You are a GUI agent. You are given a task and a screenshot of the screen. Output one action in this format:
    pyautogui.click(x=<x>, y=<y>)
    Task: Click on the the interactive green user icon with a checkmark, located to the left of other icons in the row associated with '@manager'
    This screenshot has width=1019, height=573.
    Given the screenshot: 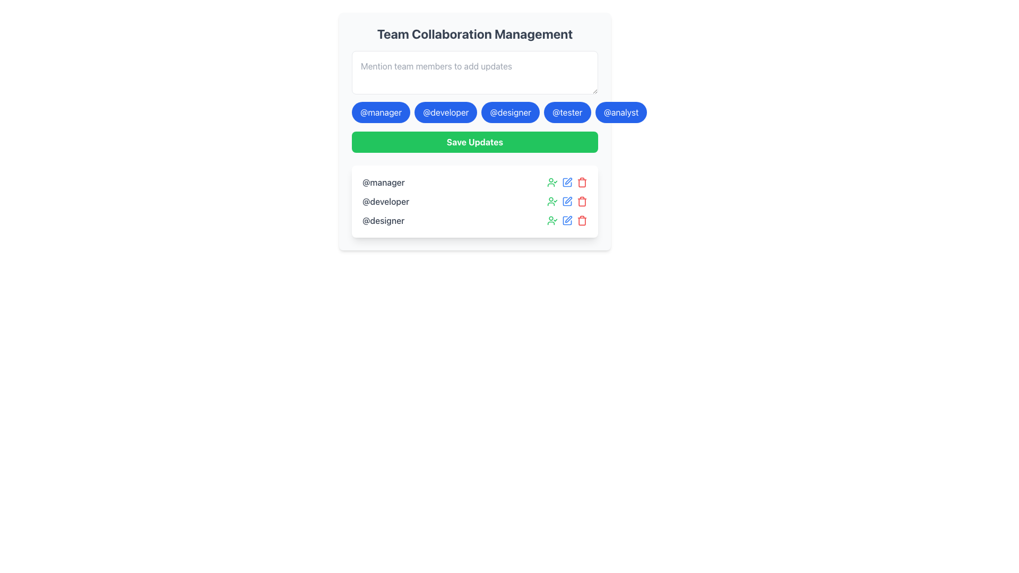 What is the action you would take?
    pyautogui.click(x=552, y=181)
    